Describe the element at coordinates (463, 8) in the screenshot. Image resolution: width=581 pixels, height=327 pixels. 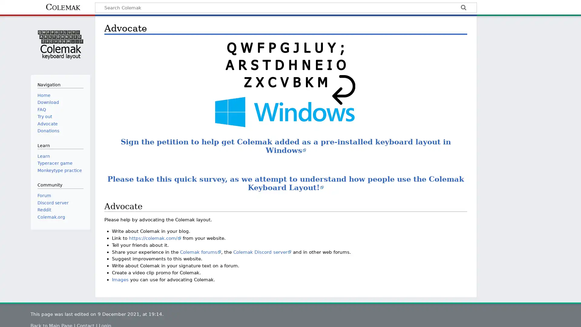
I see `Go` at that location.